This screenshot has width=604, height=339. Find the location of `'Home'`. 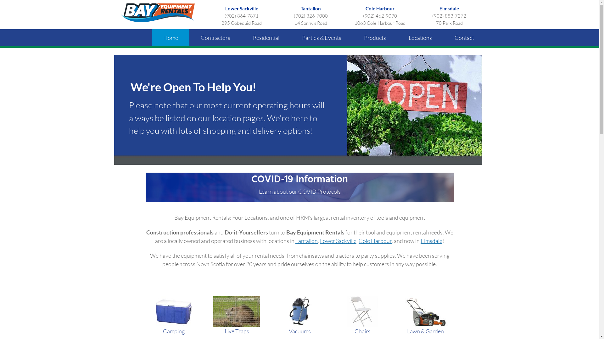

'Home' is located at coordinates (170, 37).